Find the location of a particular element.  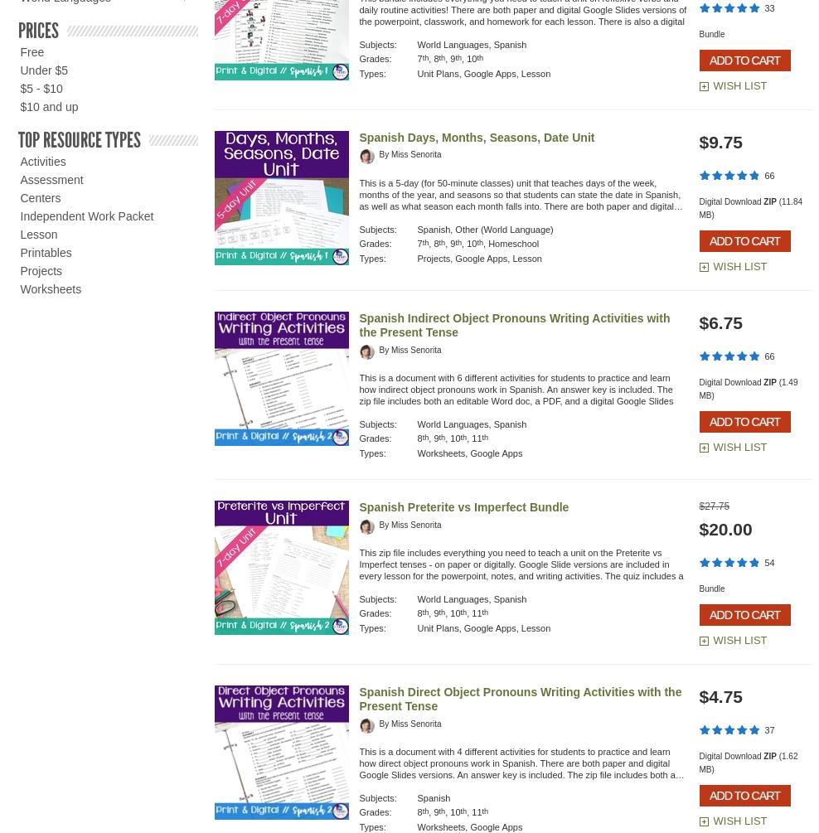

'$20.00' is located at coordinates (724, 528).